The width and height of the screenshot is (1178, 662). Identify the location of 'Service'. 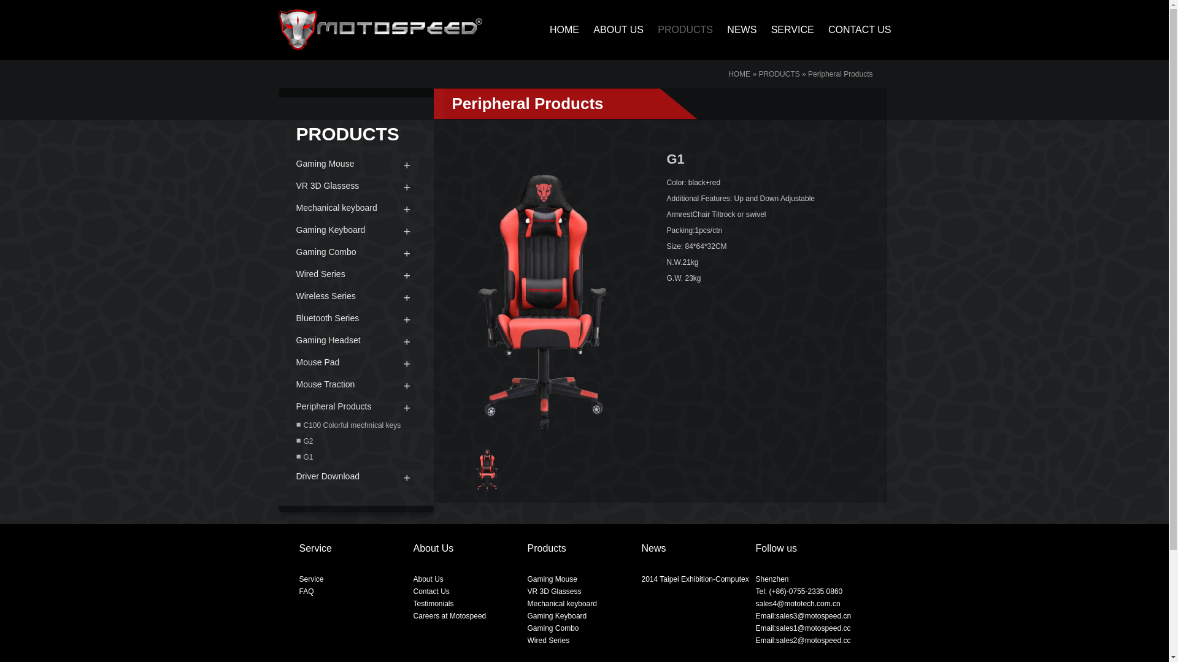
(299, 579).